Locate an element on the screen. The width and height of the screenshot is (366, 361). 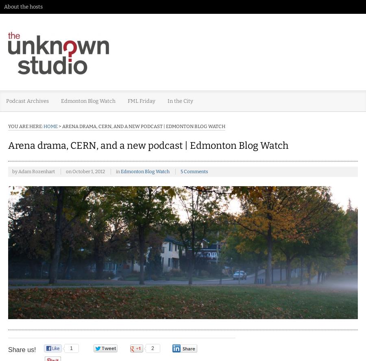
'Podcast Archives' is located at coordinates (27, 101).